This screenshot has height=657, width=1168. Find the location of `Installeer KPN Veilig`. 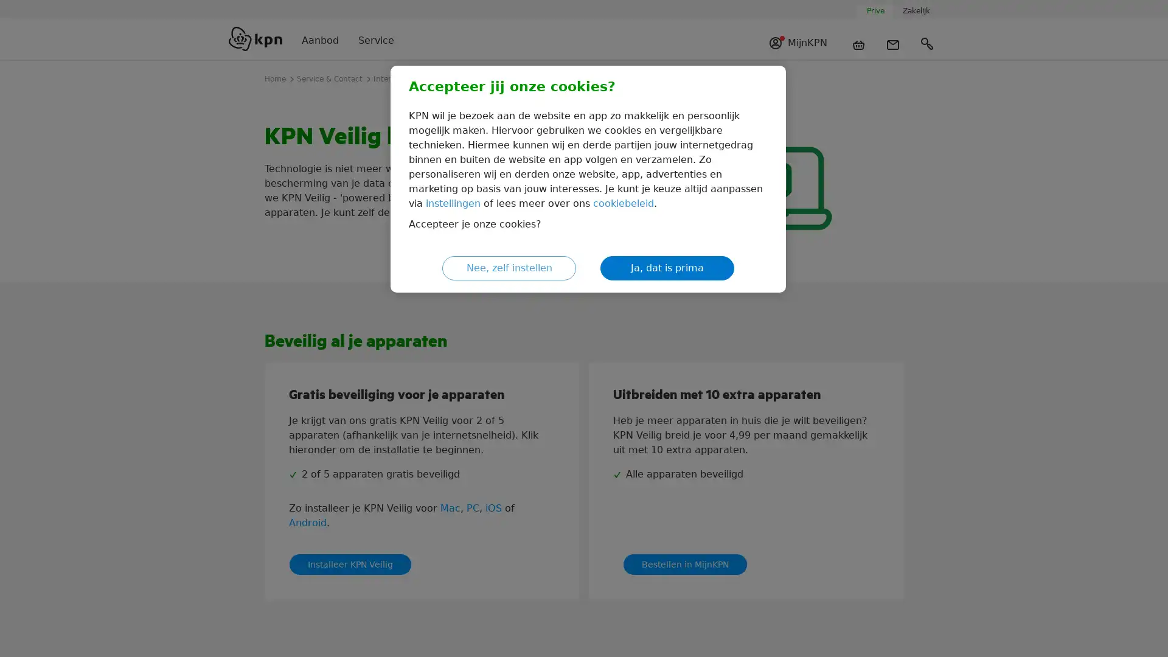

Installeer KPN Veilig is located at coordinates (349, 565).